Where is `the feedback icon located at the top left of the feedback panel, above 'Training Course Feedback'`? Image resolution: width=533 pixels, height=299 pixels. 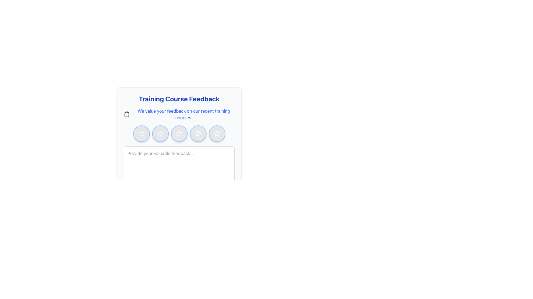
the feedback icon located at the top left of the feedback panel, above 'Training Course Feedback' is located at coordinates (126, 114).